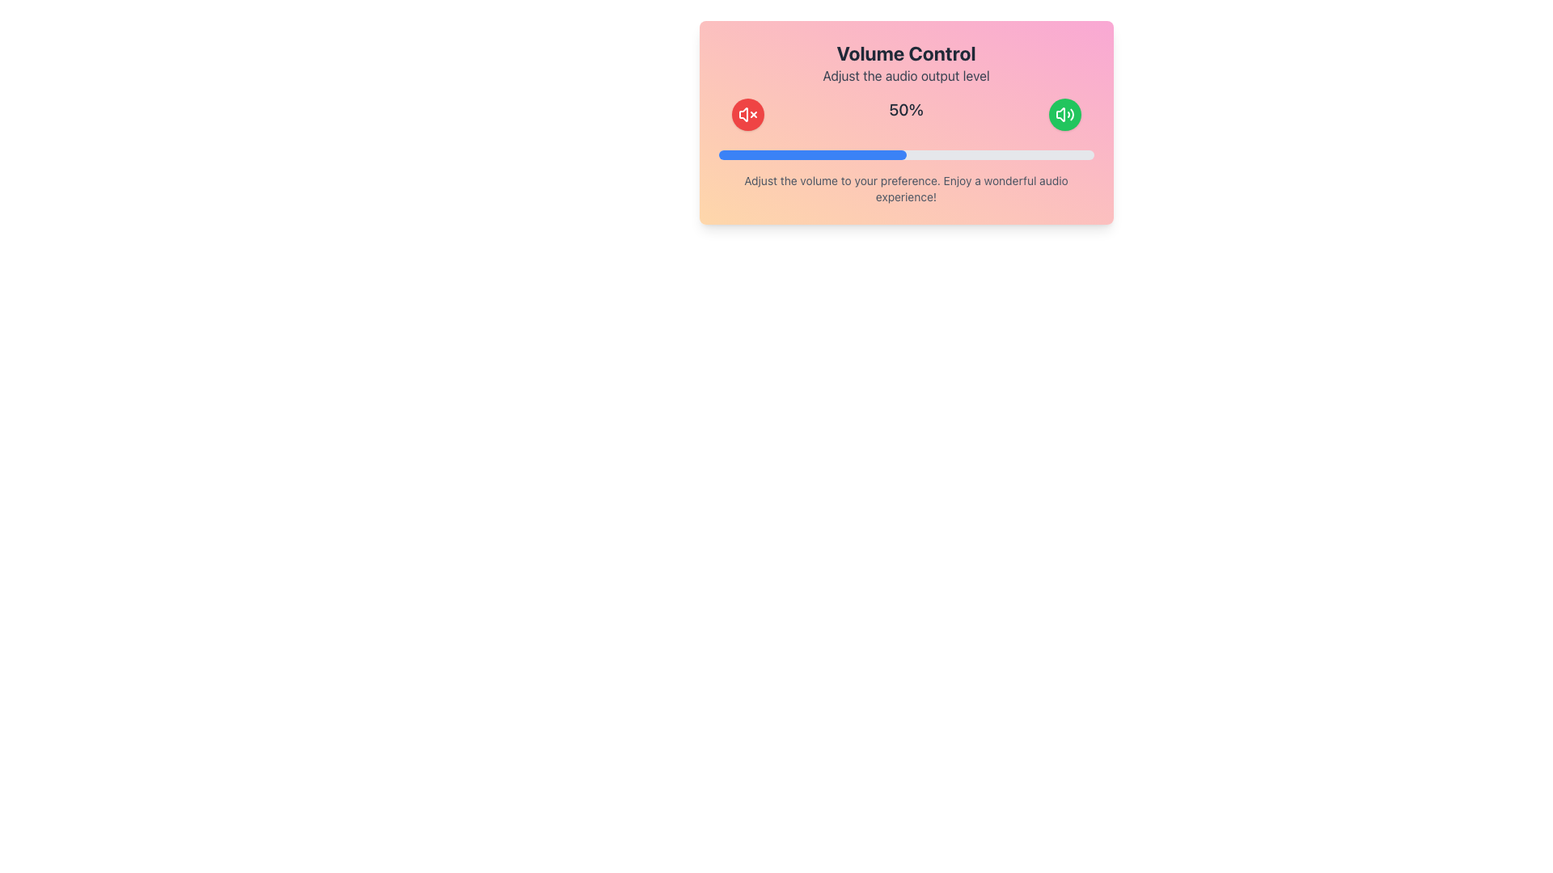 The image size is (1553, 873). Describe the element at coordinates (1060, 114) in the screenshot. I see `the leftmost component of the speaker icon that visually represents low-to-mid audio volume, located in the top-right of the volume control card` at that location.